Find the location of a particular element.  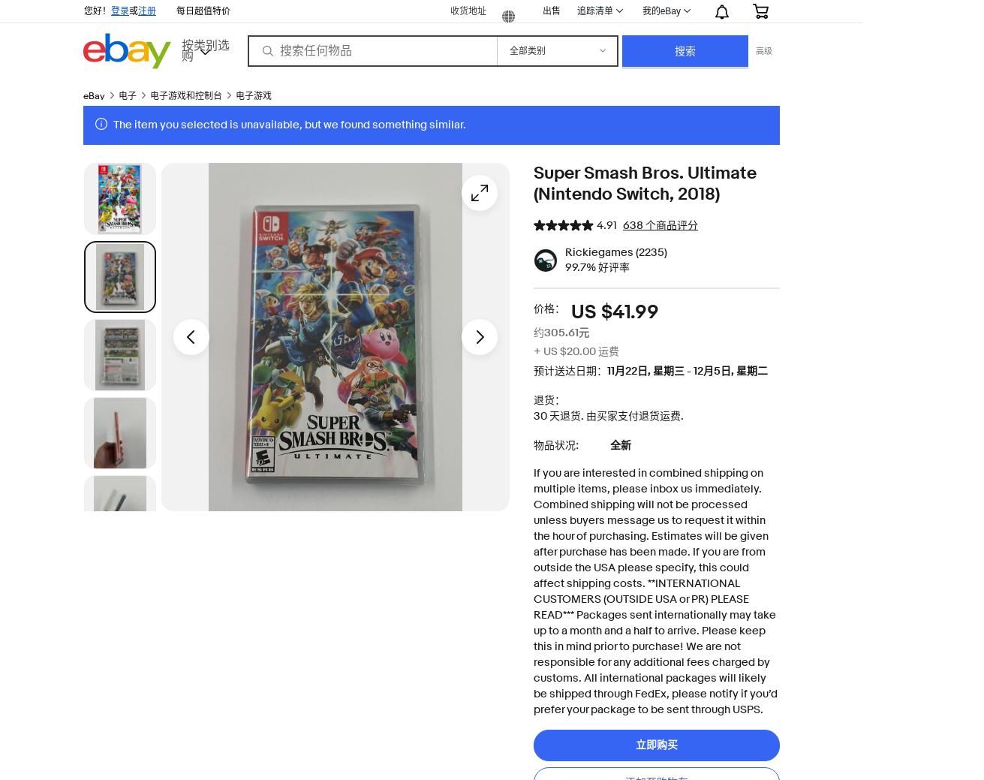

'US $41.99' is located at coordinates (615, 312).